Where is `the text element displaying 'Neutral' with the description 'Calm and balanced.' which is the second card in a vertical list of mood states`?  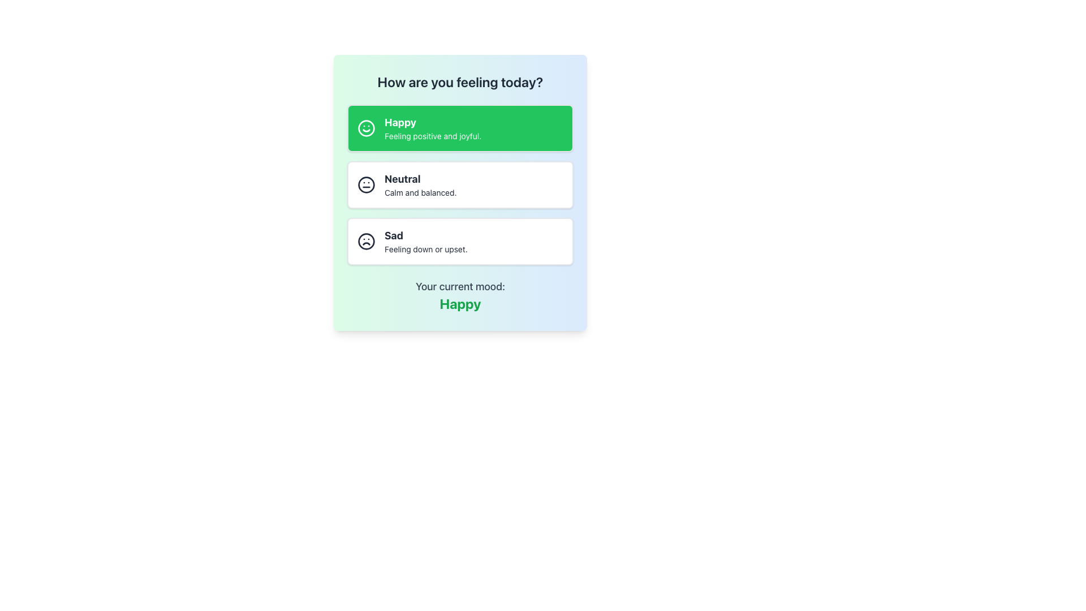
the text element displaying 'Neutral' with the description 'Calm and balanced.' which is the second card in a vertical list of mood states is located at coordinates (420, 184).